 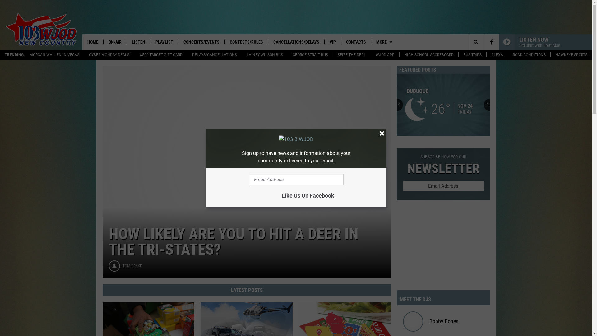 I want to click on 'LAINEY WILSON BUS', so click(x=264, y=54).